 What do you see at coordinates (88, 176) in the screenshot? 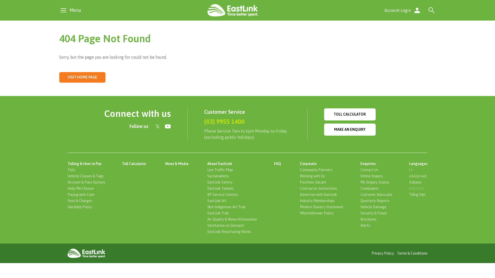
I see `'Vehicle Classes & Tags'` at bounding box center [88, 176].